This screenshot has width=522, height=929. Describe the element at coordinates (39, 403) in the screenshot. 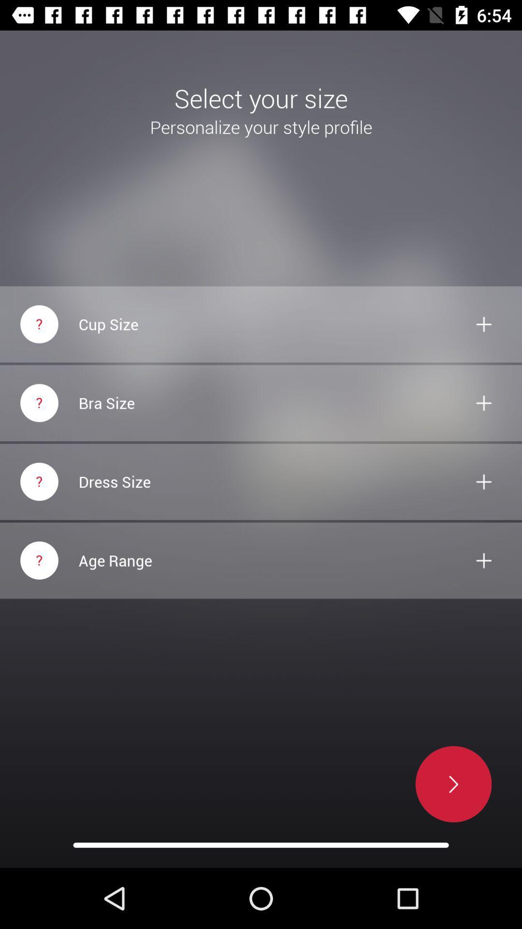

I see `the help icon` at that location.